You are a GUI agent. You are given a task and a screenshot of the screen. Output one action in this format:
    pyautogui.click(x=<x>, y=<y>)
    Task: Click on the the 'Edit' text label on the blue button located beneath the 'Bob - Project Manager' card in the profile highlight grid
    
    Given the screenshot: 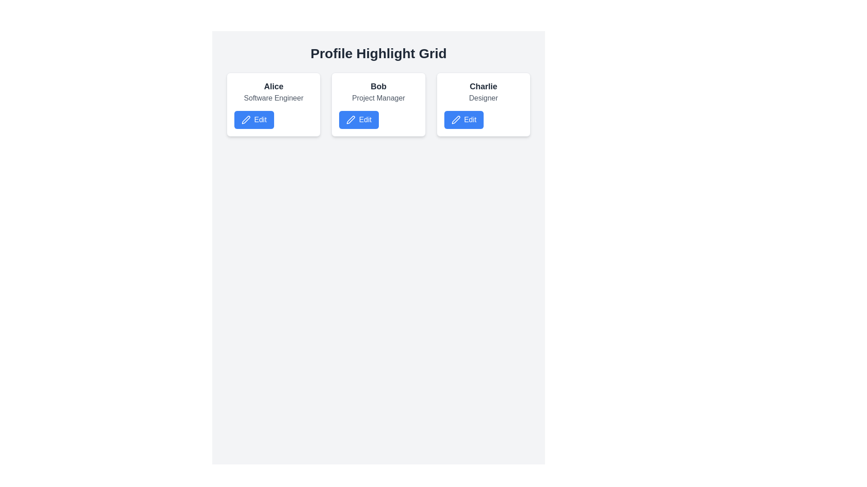 What is the action you would take?
    pyautogui.click(x=365, y=119)
    